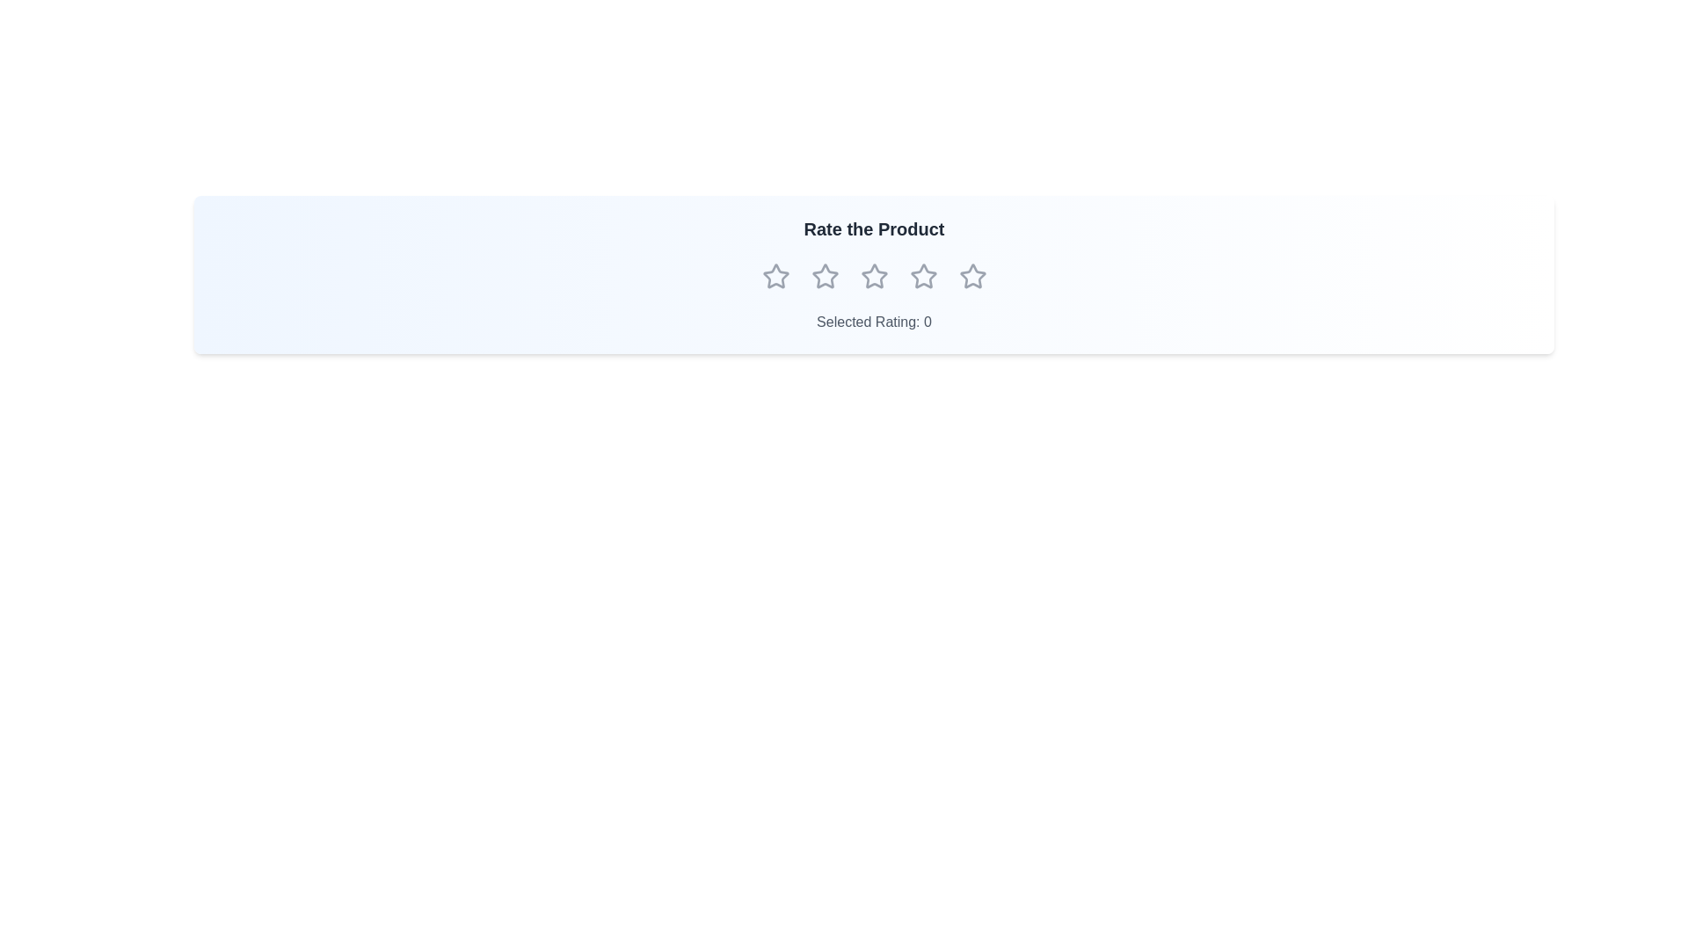  I want to click on the third star in the rating system, so click(922, 277).